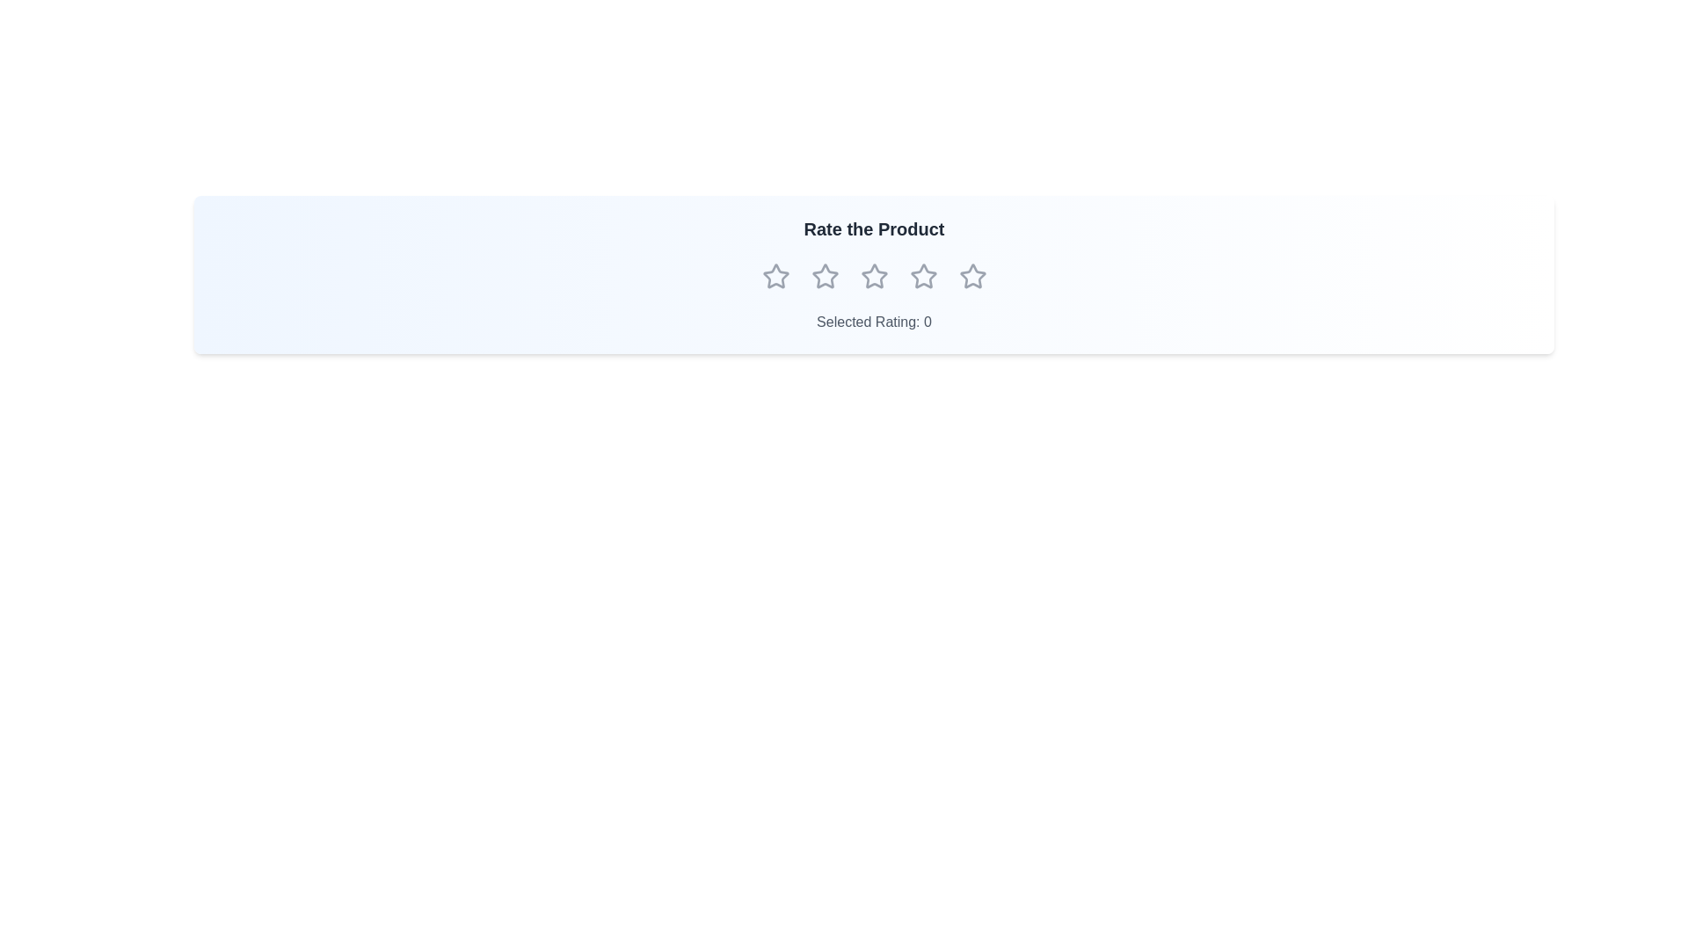  I want to click on the third star in the rating system, so click(922, 277).